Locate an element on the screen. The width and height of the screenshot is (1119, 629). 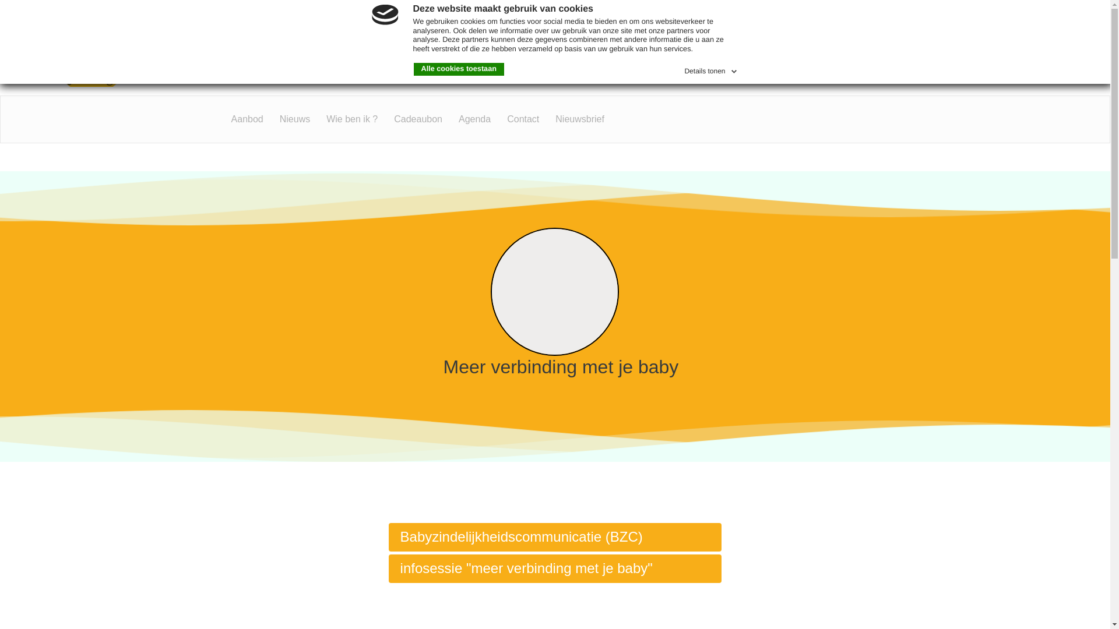
'Nieuws' is located at coordinates (294, 119).